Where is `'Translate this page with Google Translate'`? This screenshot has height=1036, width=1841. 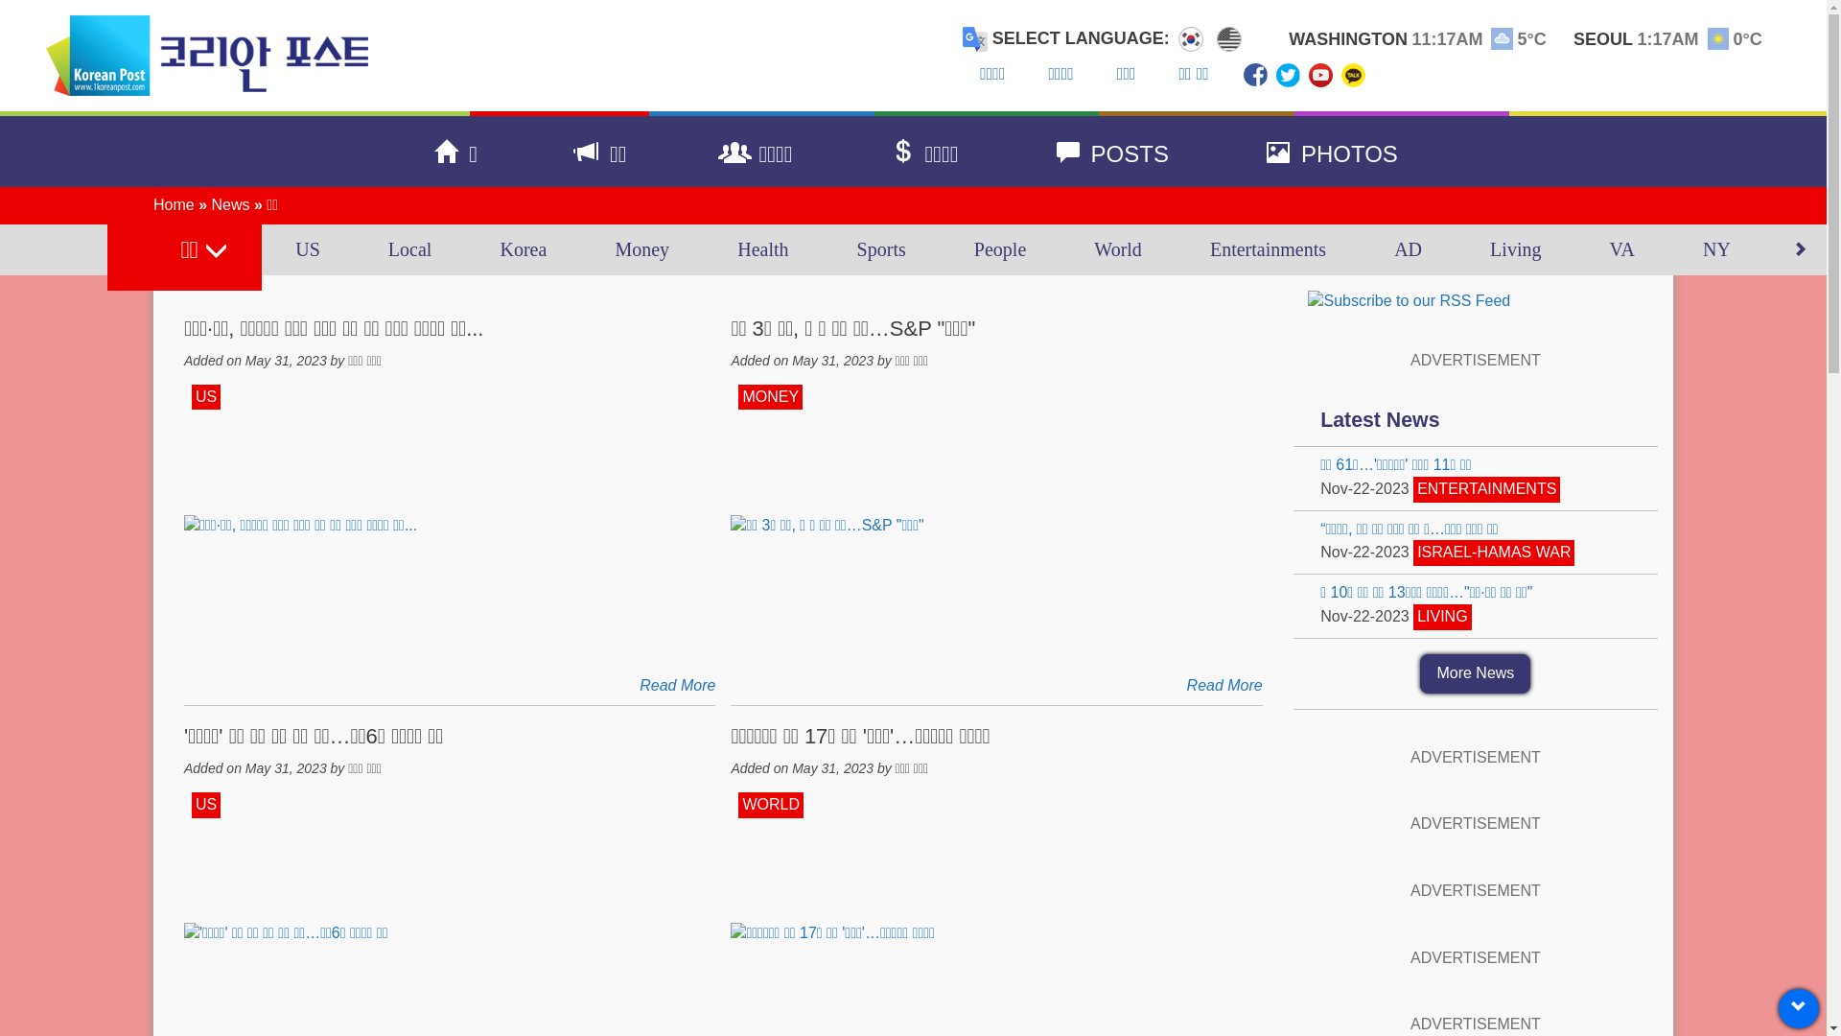
'Translate this page with Google Translate' is located at coordinates (975, 39).